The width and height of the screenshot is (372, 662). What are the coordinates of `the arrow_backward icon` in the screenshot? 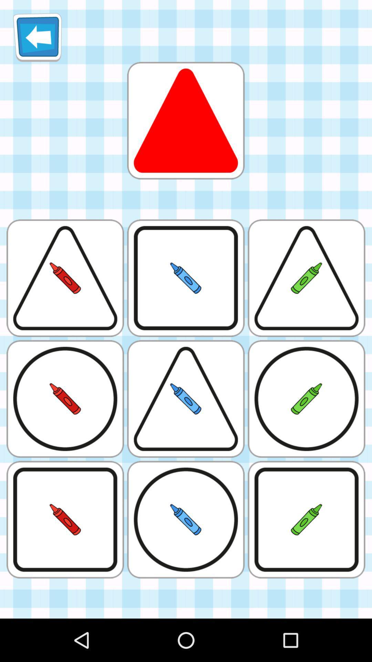 It's located at (37, 40).